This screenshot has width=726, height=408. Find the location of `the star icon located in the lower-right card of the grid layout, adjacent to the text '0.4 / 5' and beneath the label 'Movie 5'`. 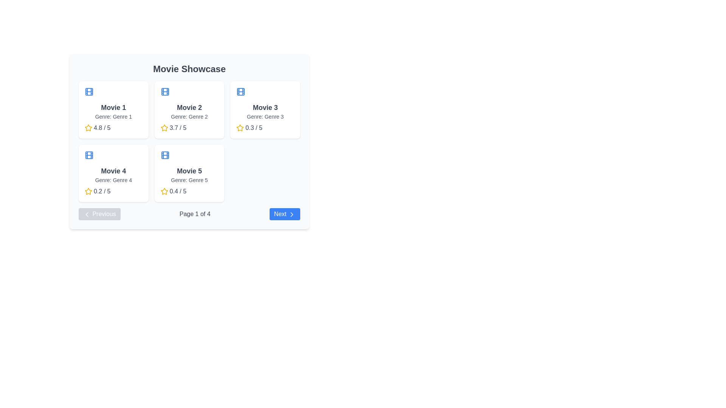

the star icon located in the lower-right card of the grid layout, adjacent to the text '0.4 / 5' and beneath the label 'Movie 5' is located at coordinates (164, 191).